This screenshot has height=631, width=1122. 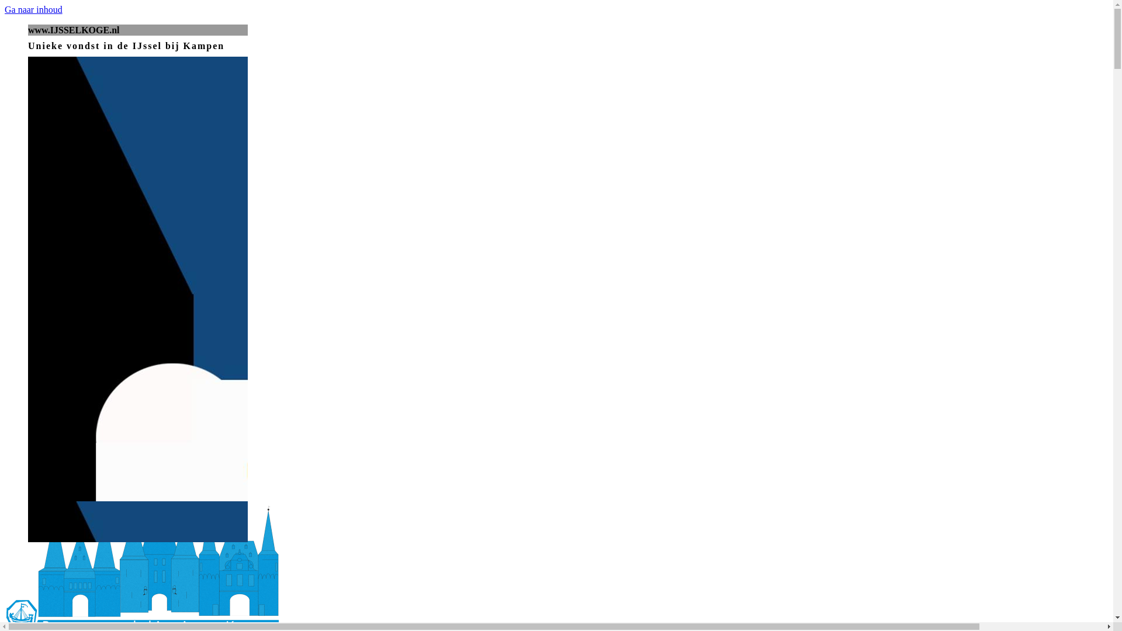 I want to click on 'Ga naar inhoud', so click(x=33, y=9).